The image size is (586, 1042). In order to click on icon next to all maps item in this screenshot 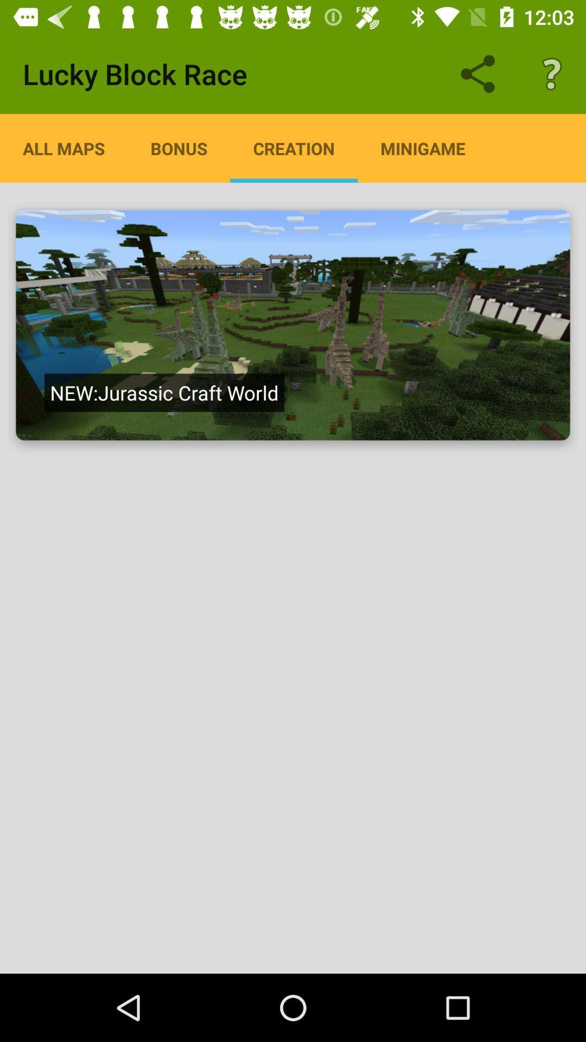, I will do `click(179, 148)`.